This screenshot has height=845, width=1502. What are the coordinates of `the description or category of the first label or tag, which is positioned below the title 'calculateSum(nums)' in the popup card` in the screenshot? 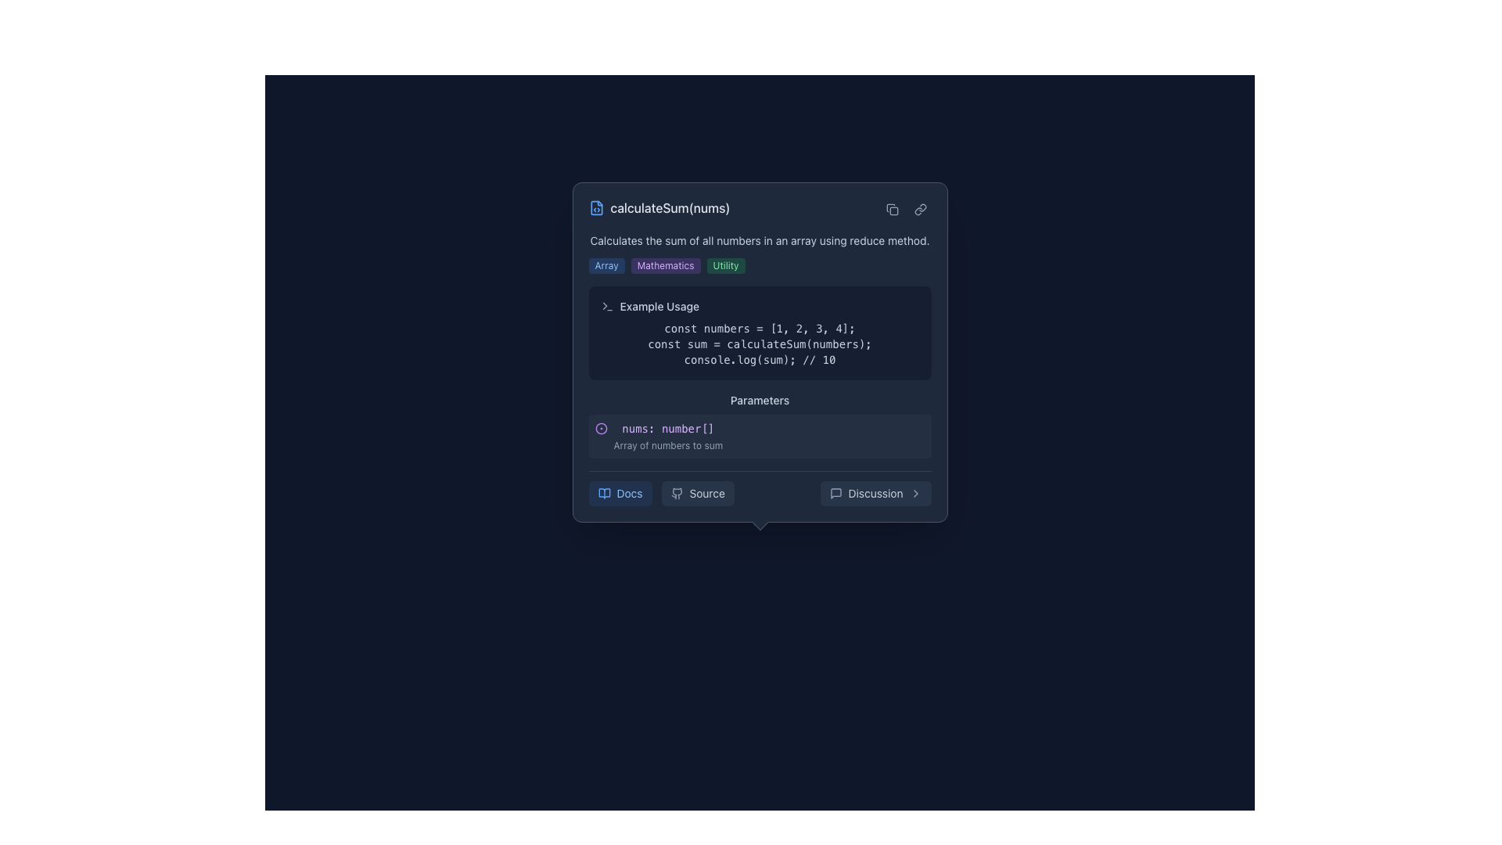 It's located at (605, 264).